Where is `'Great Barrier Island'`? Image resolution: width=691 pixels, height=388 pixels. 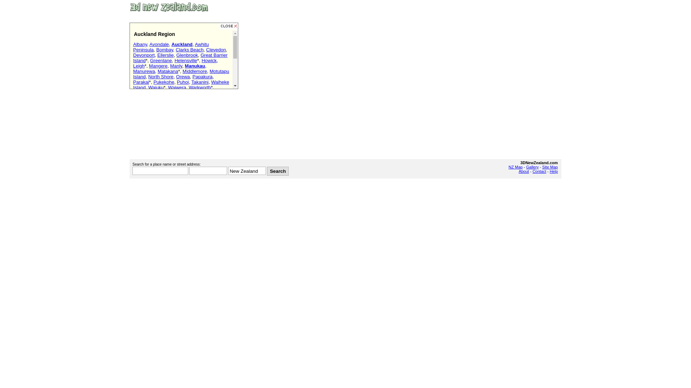 'Great Barrier Island' is located at coordinates (180, 57).